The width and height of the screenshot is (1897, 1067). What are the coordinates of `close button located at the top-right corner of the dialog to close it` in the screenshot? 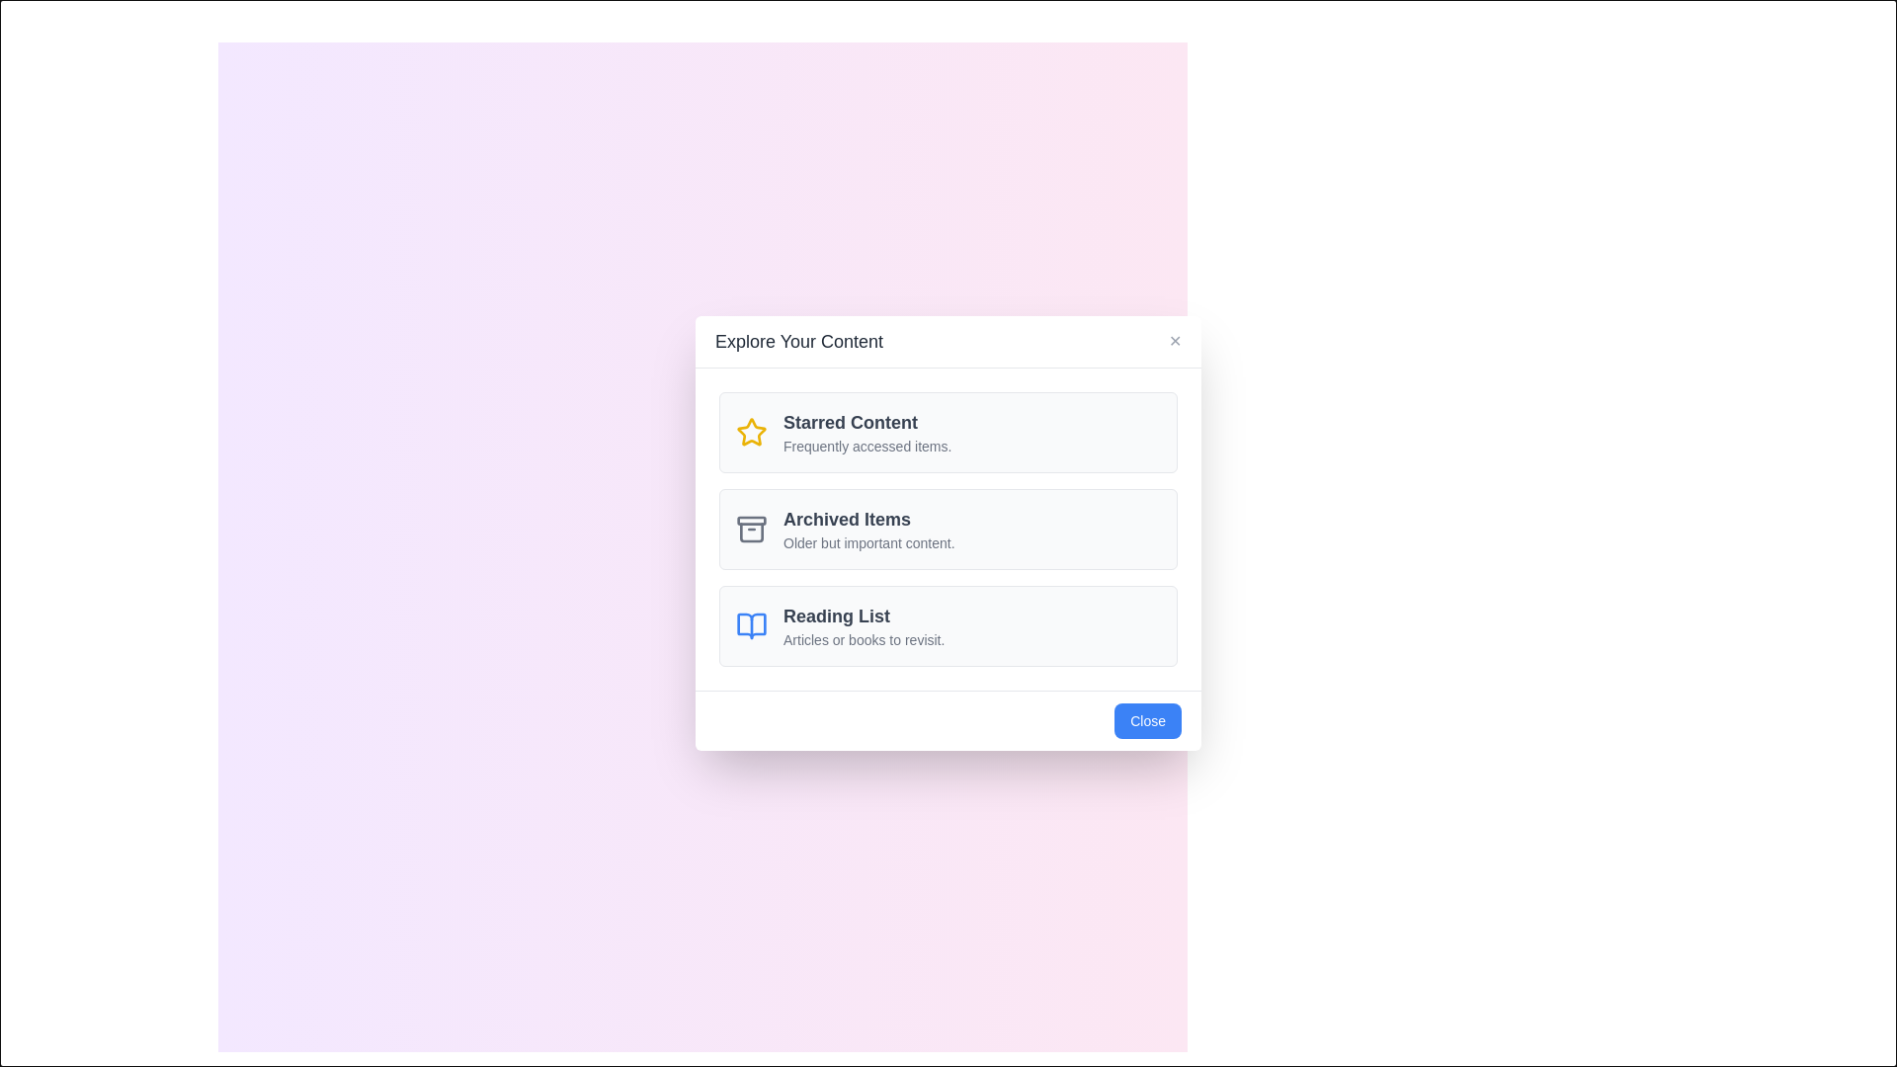 It's located at (1209, 19).